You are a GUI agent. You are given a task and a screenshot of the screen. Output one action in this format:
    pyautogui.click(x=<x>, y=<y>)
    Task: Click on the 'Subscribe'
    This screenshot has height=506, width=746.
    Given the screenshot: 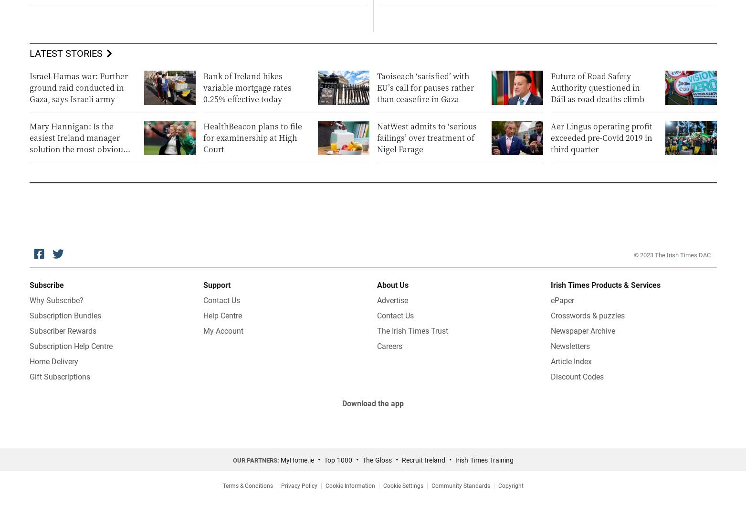 What is the action you would take?
    pyautogui.click(x=46, y=285)
    